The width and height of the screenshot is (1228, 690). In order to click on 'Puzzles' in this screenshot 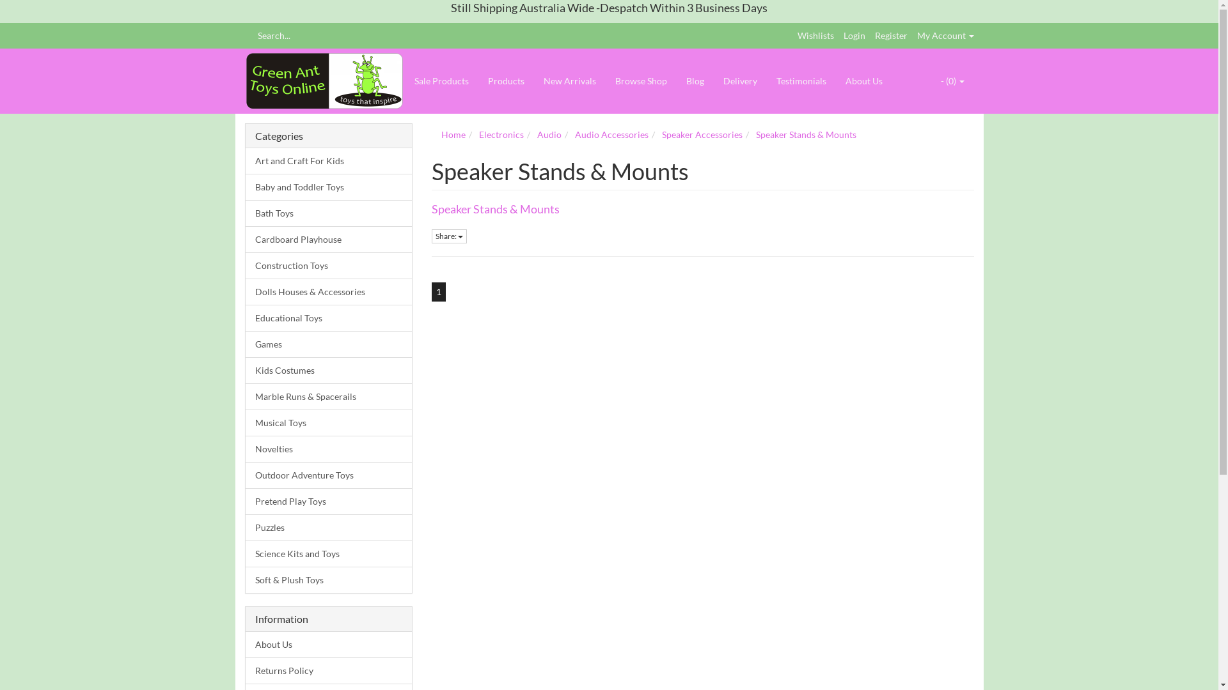, I will do `click(329, 527)`.